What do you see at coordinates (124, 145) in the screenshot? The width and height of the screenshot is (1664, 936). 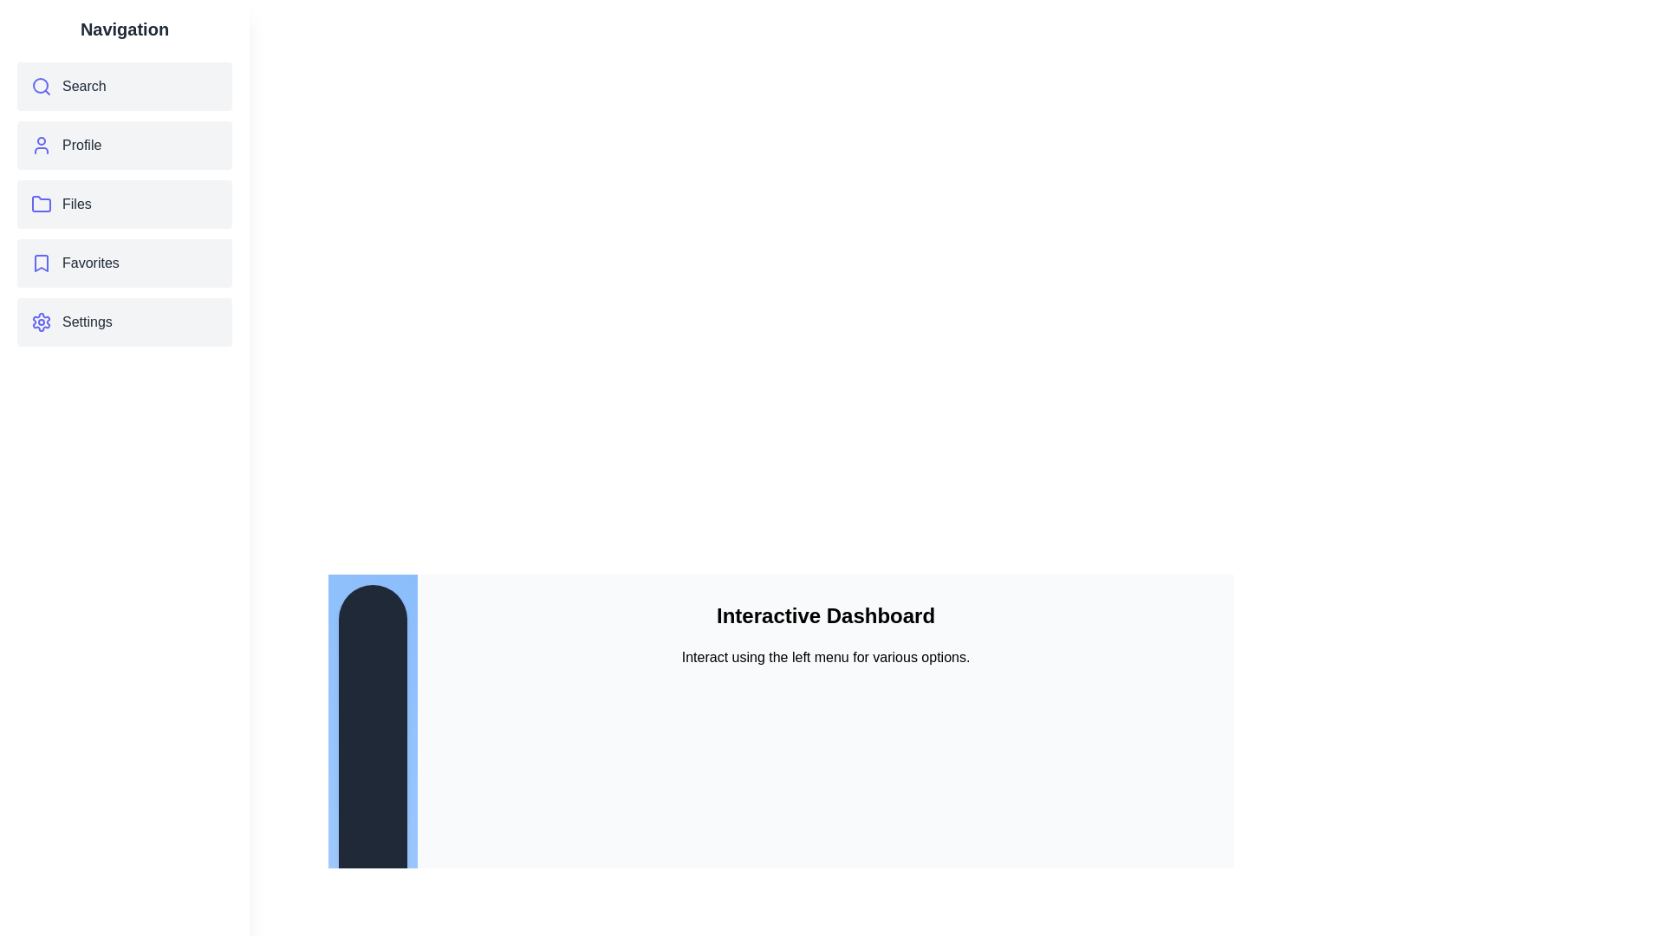 I see `the menu item corresponding to Profile to navigate` at bounding box center [124, 145].